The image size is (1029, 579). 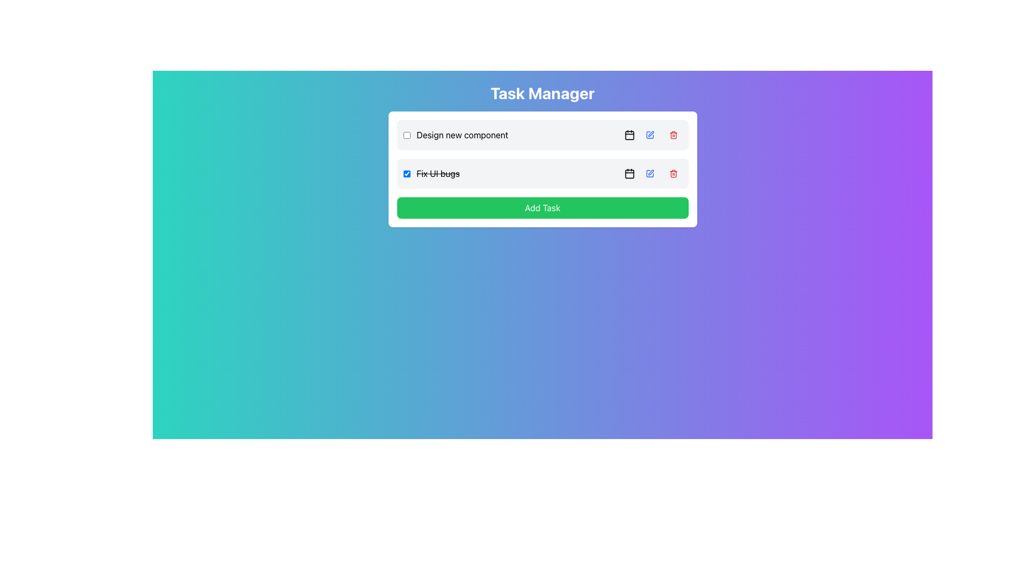 What do you see at coordinates (431, 173) in the screenshot?
I see `the labeled text 'Fix UI bugs' with strikethrough` at bounding box center [431, 173].